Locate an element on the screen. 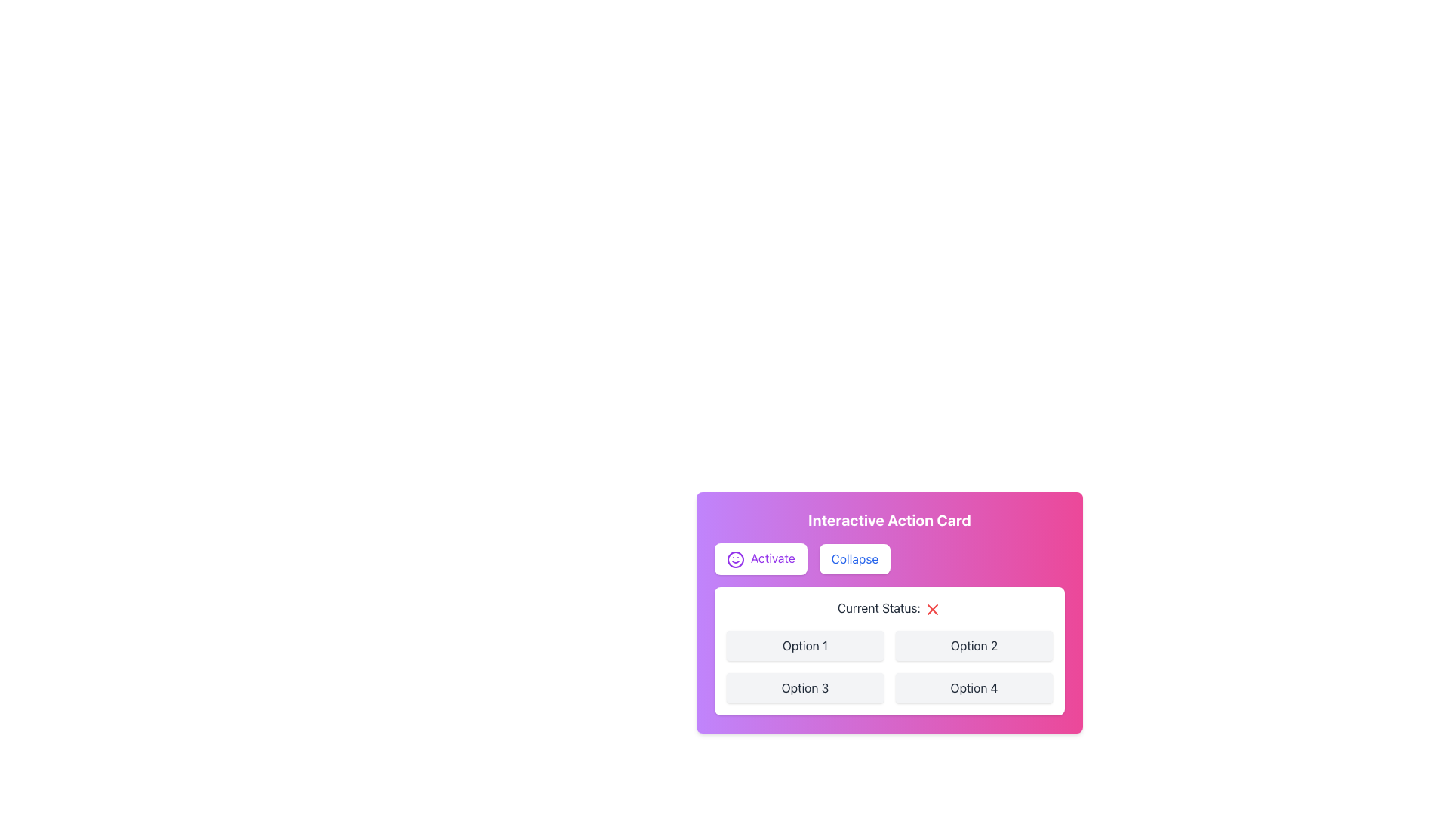 This screenshot has width=1449, height=815. the rectangular button labeled 'Option 2' with a light gray background and rounded corners is located at coordinates (974, 645).